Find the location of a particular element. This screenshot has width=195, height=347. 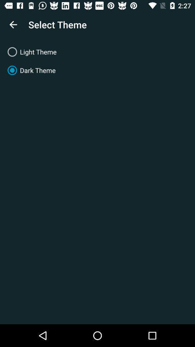

icon above dark theme icon is located at coordinates (97, 51).